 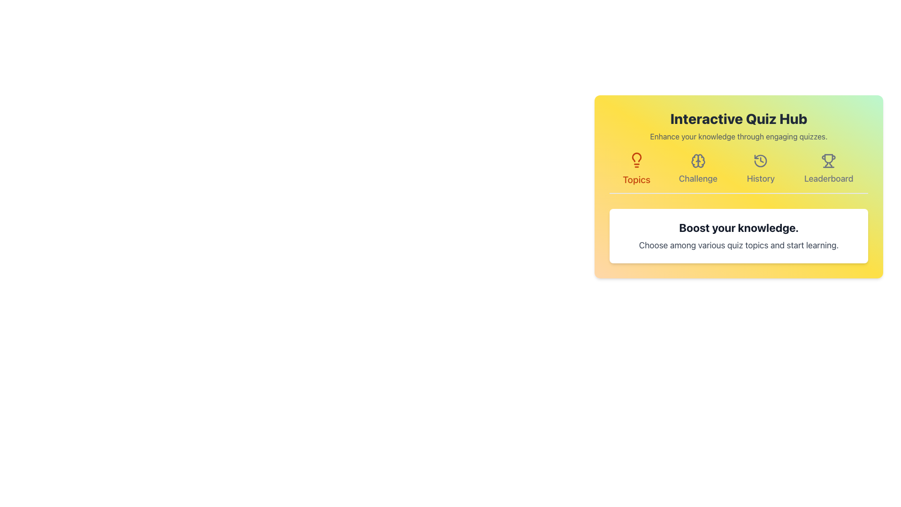 What do you see at coordinates (698, 179) in the screenshot?
I see `the 'Challenge' label located beneath the brain icon in the 'Interactive Quiz Hub'` at bounding box center [698, 179].